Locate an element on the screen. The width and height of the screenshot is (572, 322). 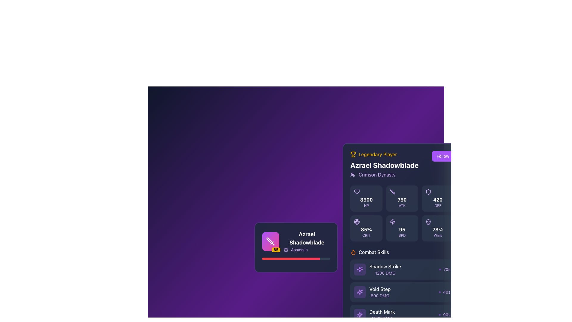
the static information card displaying '78% Wins', located in the bottom-right segment of the grid layout is located at coordinates (438, 228).